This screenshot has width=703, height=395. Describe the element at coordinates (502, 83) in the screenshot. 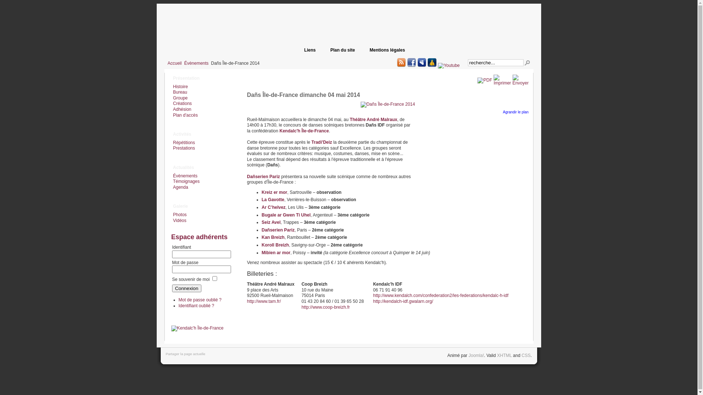

I see `'Imprimer'` at that location.